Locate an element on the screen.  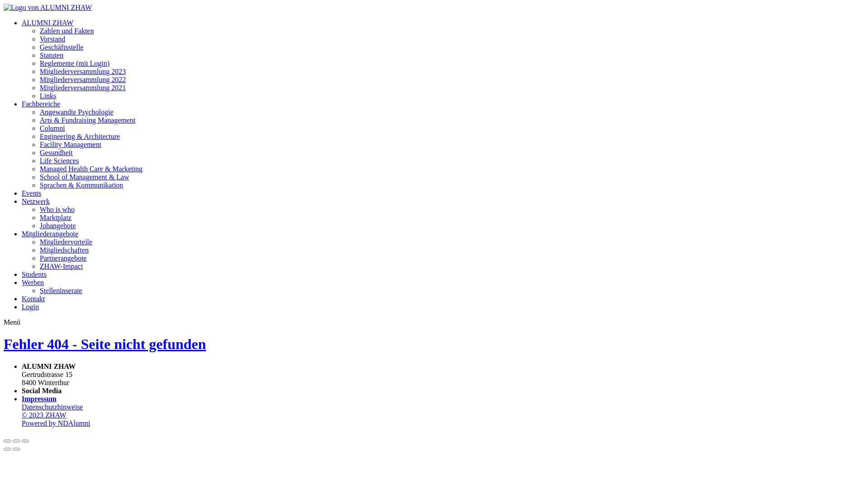
'Who is who' is located at coordinates (56, 209).